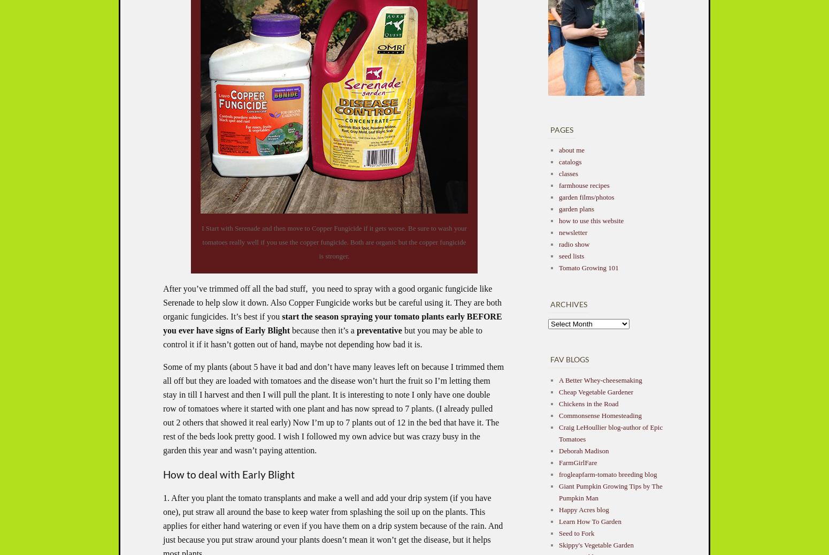 The image size is (829, 555). What do you see at coordinates (607, 474) in the screenshot?
I see `'frogleapfarm-tomato breeding blog'` at bounding box center [607, 474].